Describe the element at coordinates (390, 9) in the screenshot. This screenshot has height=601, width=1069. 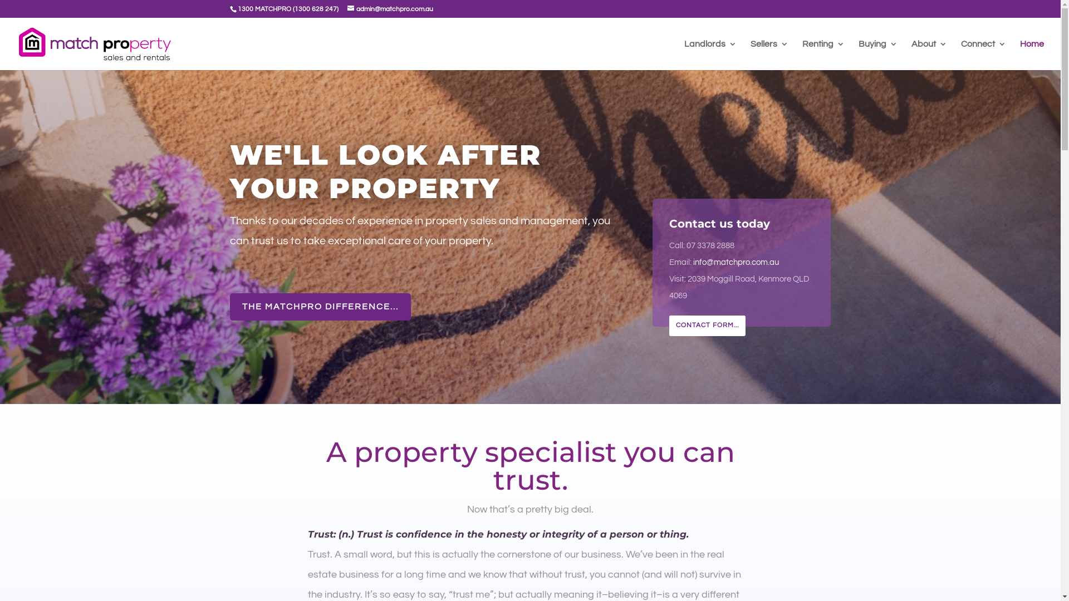
I see `'admin@matchpro.com.au'` at that location.